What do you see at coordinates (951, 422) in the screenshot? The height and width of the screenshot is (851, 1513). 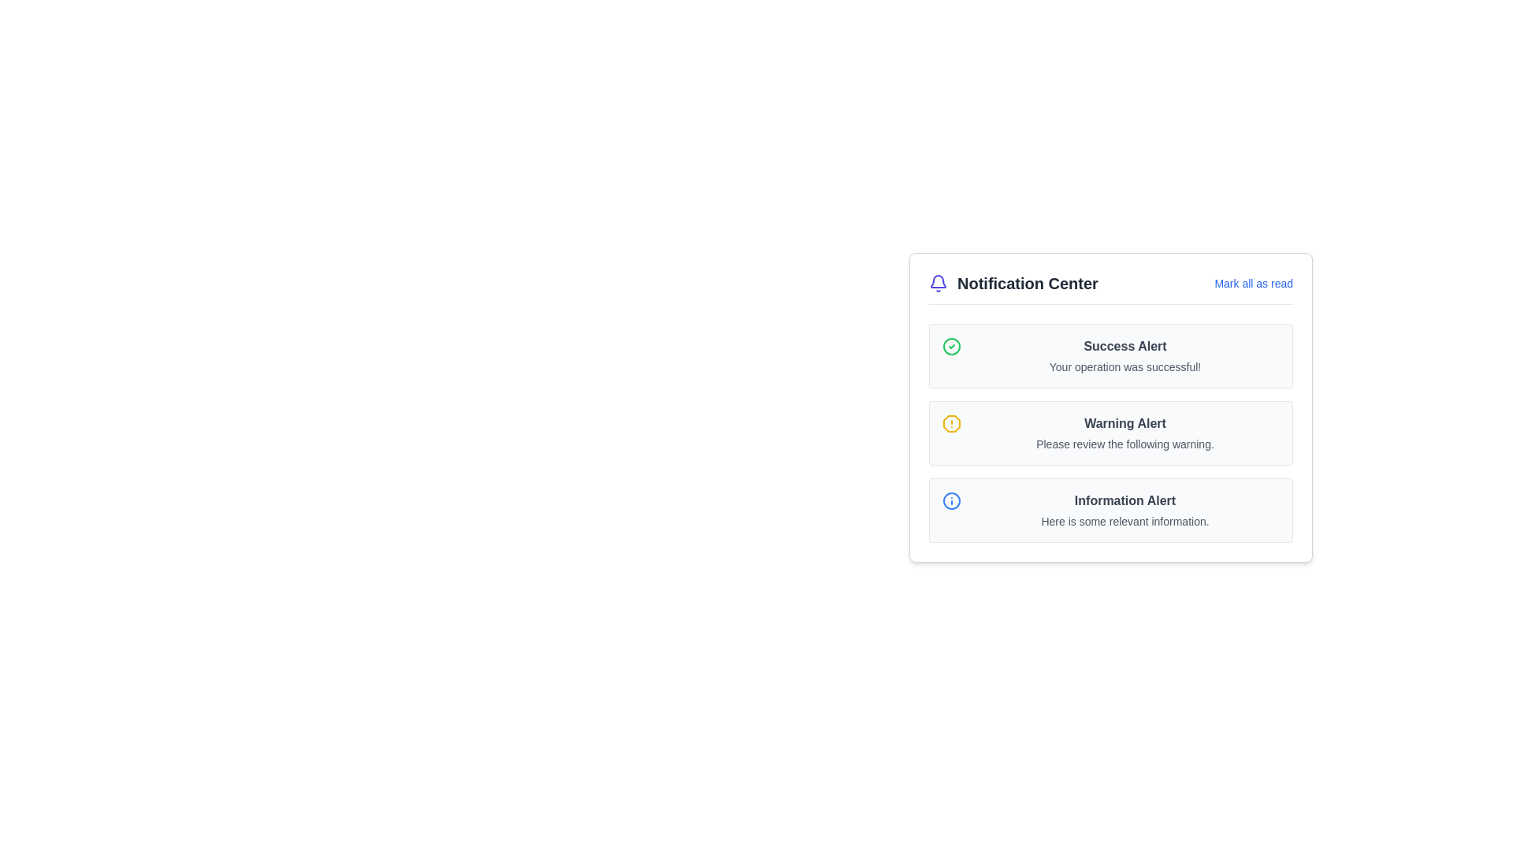 I see `the warning alert icon located in the second row of the alert list in the notification center, next to the 'Warning Alert' title and message` at bounding box center [951, 422].